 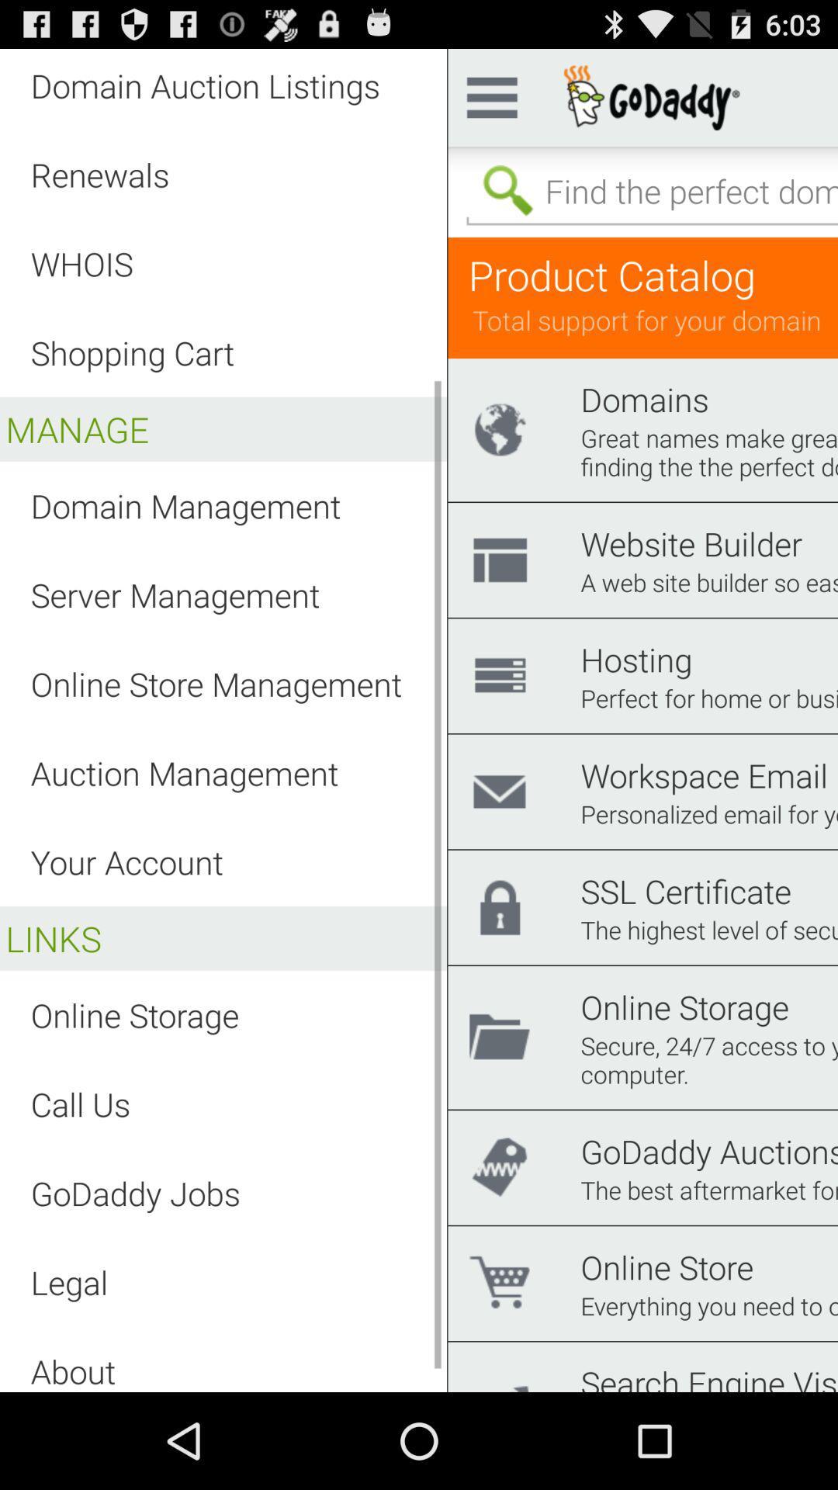 I want to click on hosting icon, so click(x=636, y=659).